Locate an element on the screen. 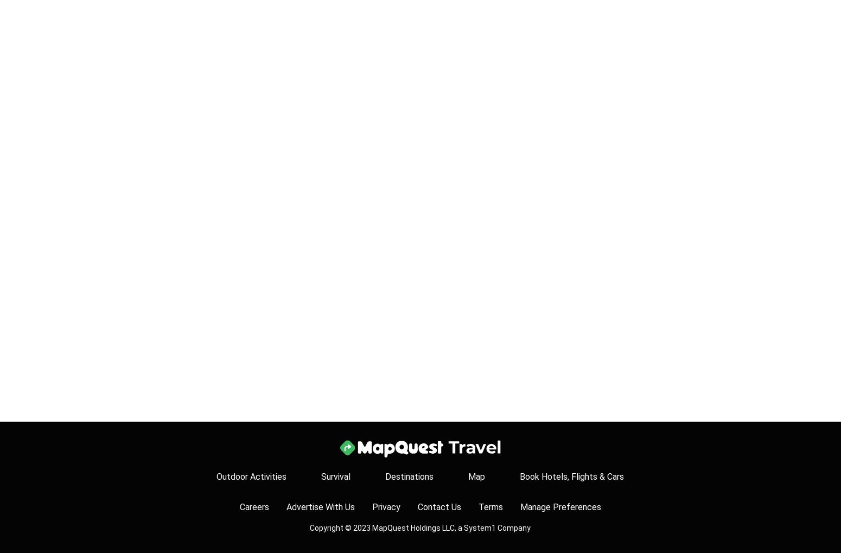 This screenshot has width=841, height=553. 'Advertise With Us' is located at coordinates (285, 506).